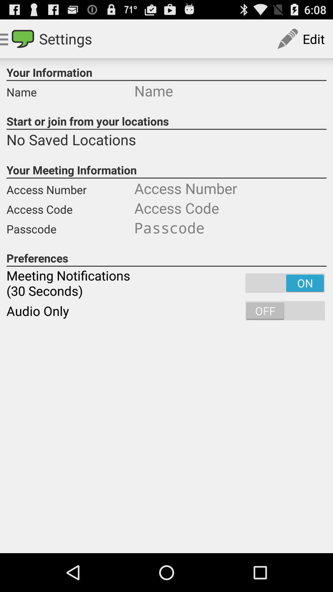 Image resolution: width=333 pixels, height=592 pixels. I want to click on a quick reminder code of the local, so click(230, 227).